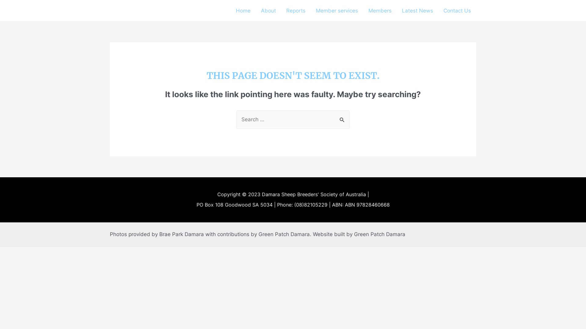 This screenshot has width=586, height=329. What do you see at coordinates (337, 10) in the screenshot?
I see `'Member services'` at bounding box center [337, 10].